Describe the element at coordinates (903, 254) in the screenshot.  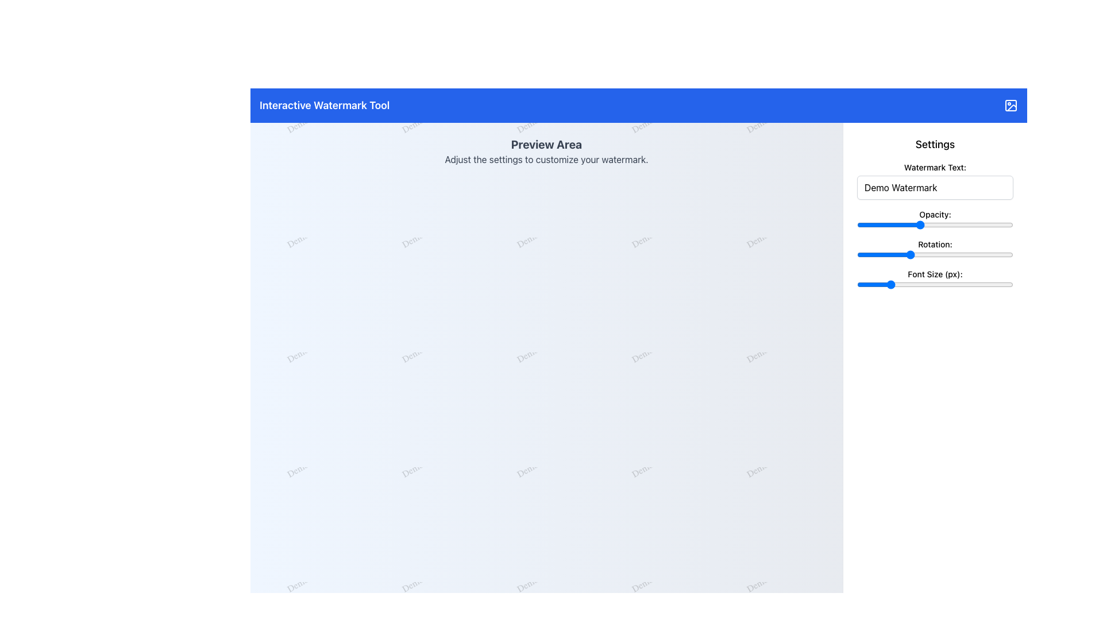
I see `the rotation value of the slider` at that location.